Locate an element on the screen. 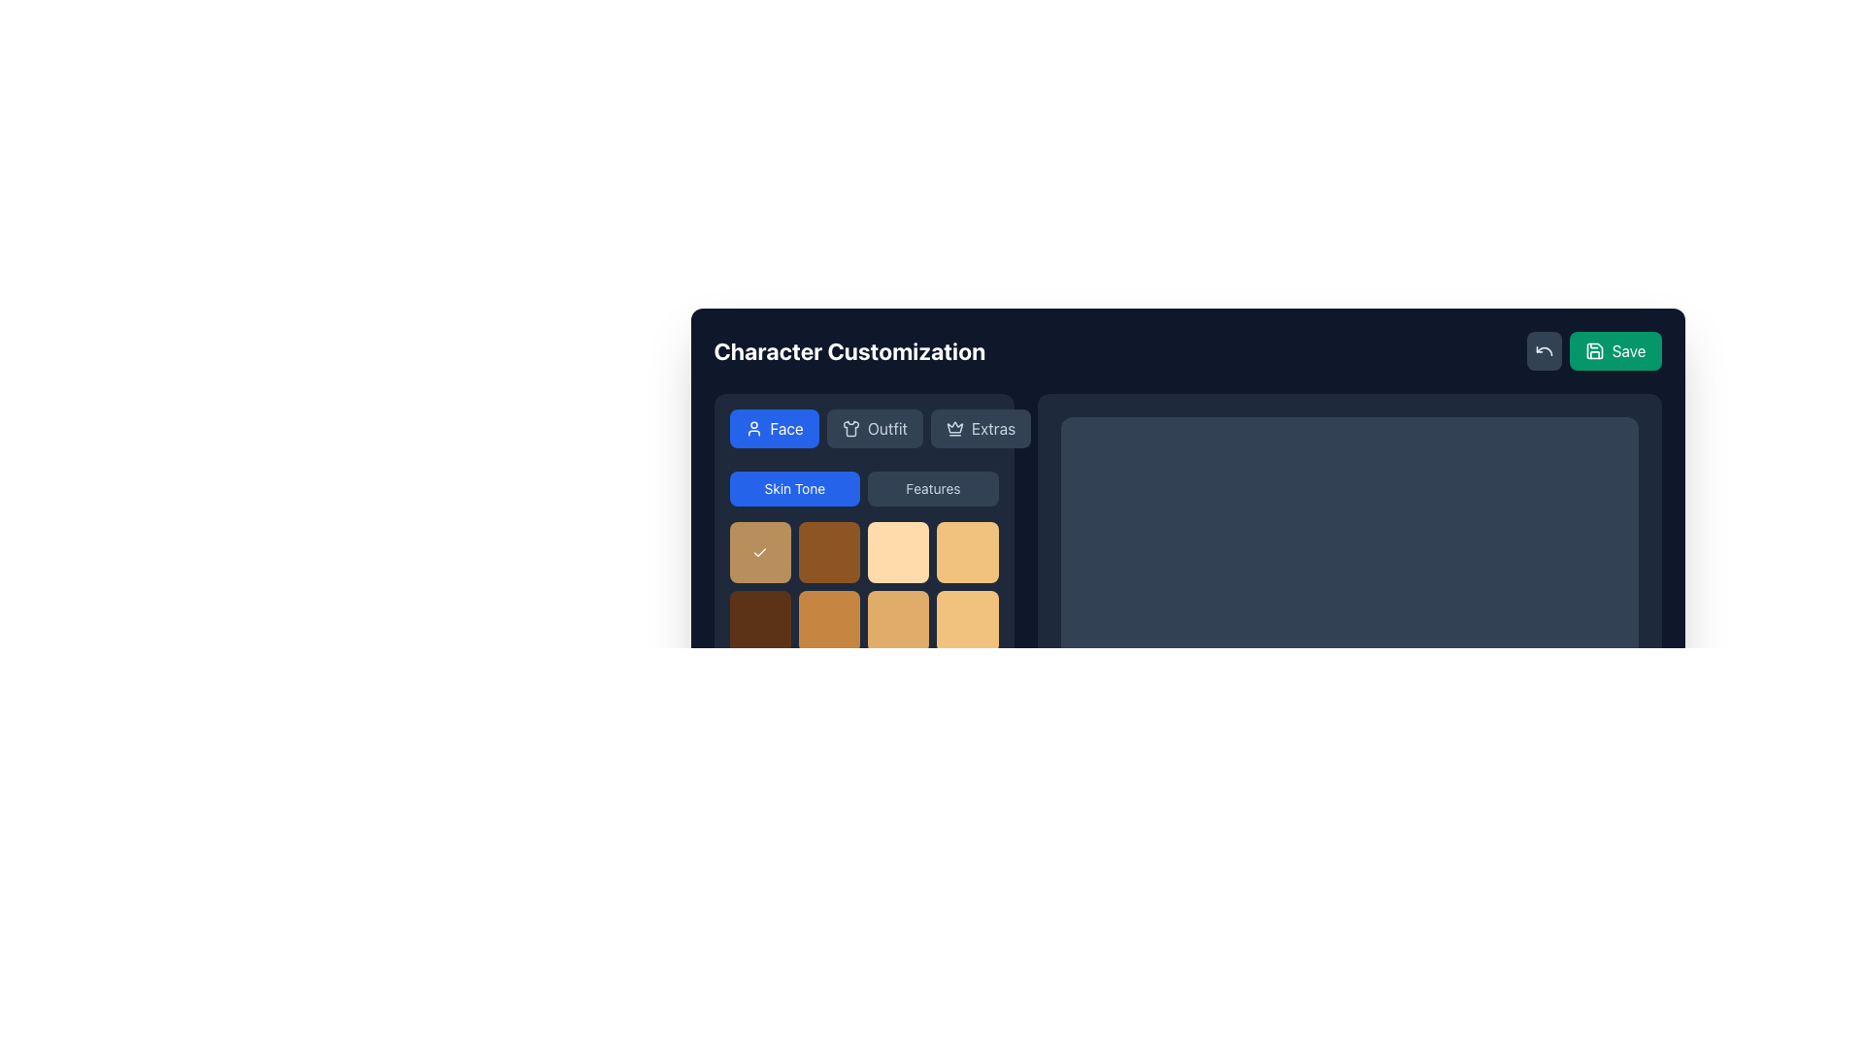 The width and height of the screenshot is (1864, 1048). the 'Features' button located to the right of the 'Skin Tone' button under the 'Character Customization' heading is located at coordinates (933, 488).